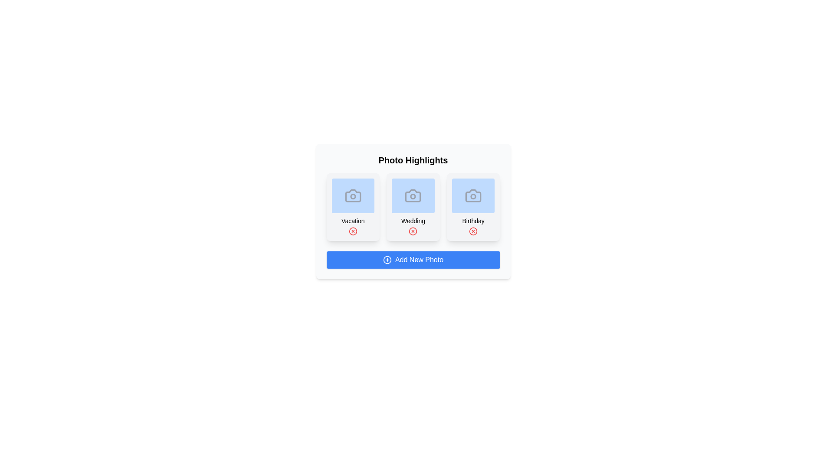  Describe the element at coordinates (413, 231) in the screenshot. I see `the delete button for the photo labeled Wedding` at that location.